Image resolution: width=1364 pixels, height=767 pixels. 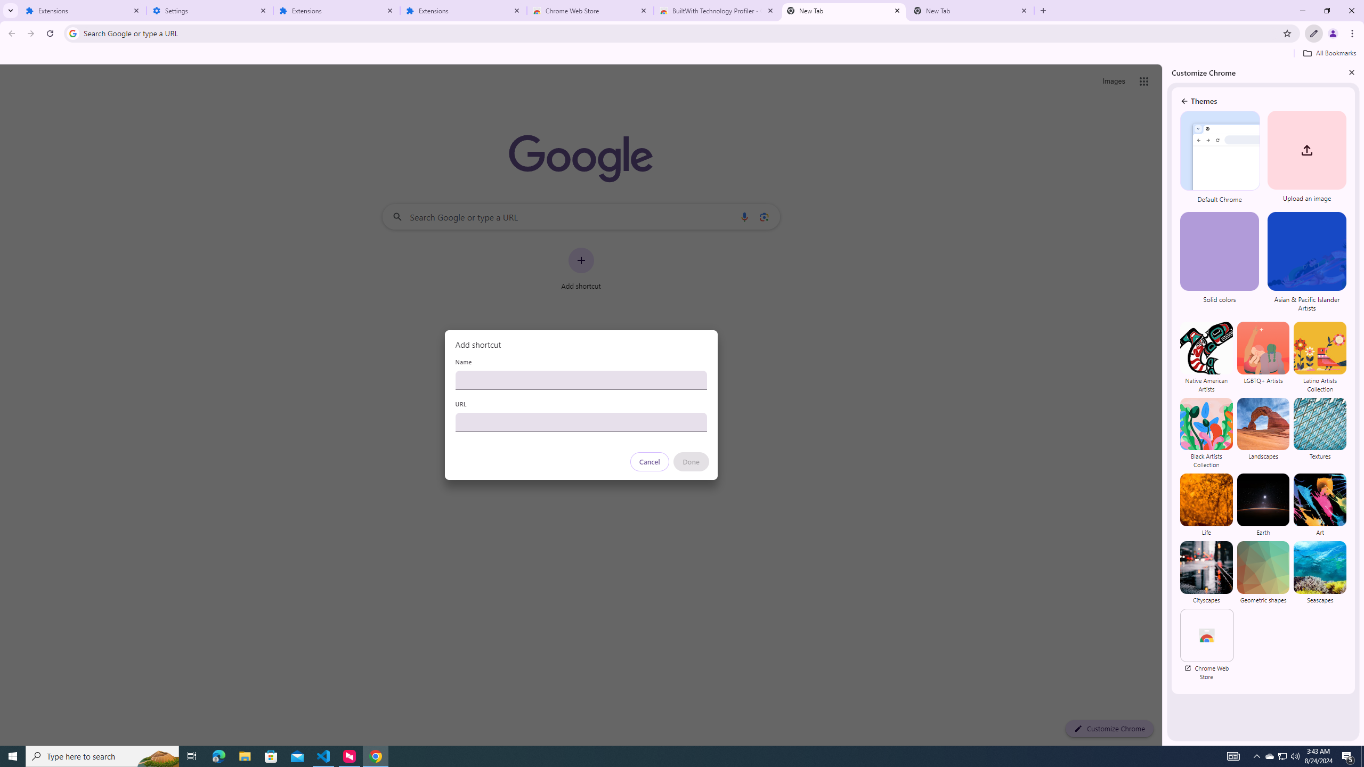 I want to click on 'Name', so click(x=580, y=379).